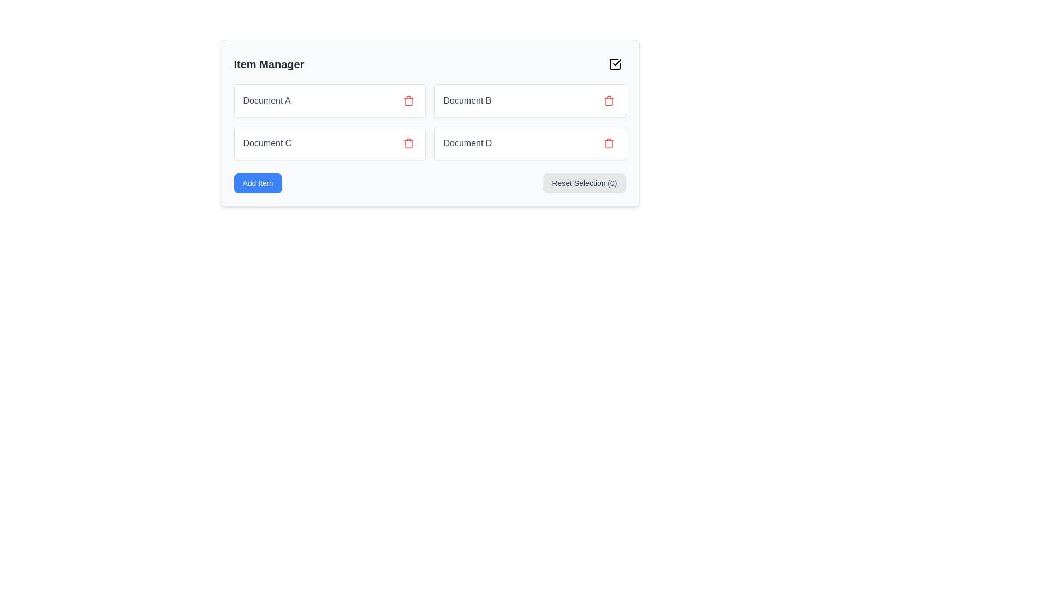  What do you see at coordinates (615, 64) in the screenshot?
I see `the square-shaped button with a checkmark icon located in the upper-right corner of the 'Item Manager' section` at bounding box center [615, 64].